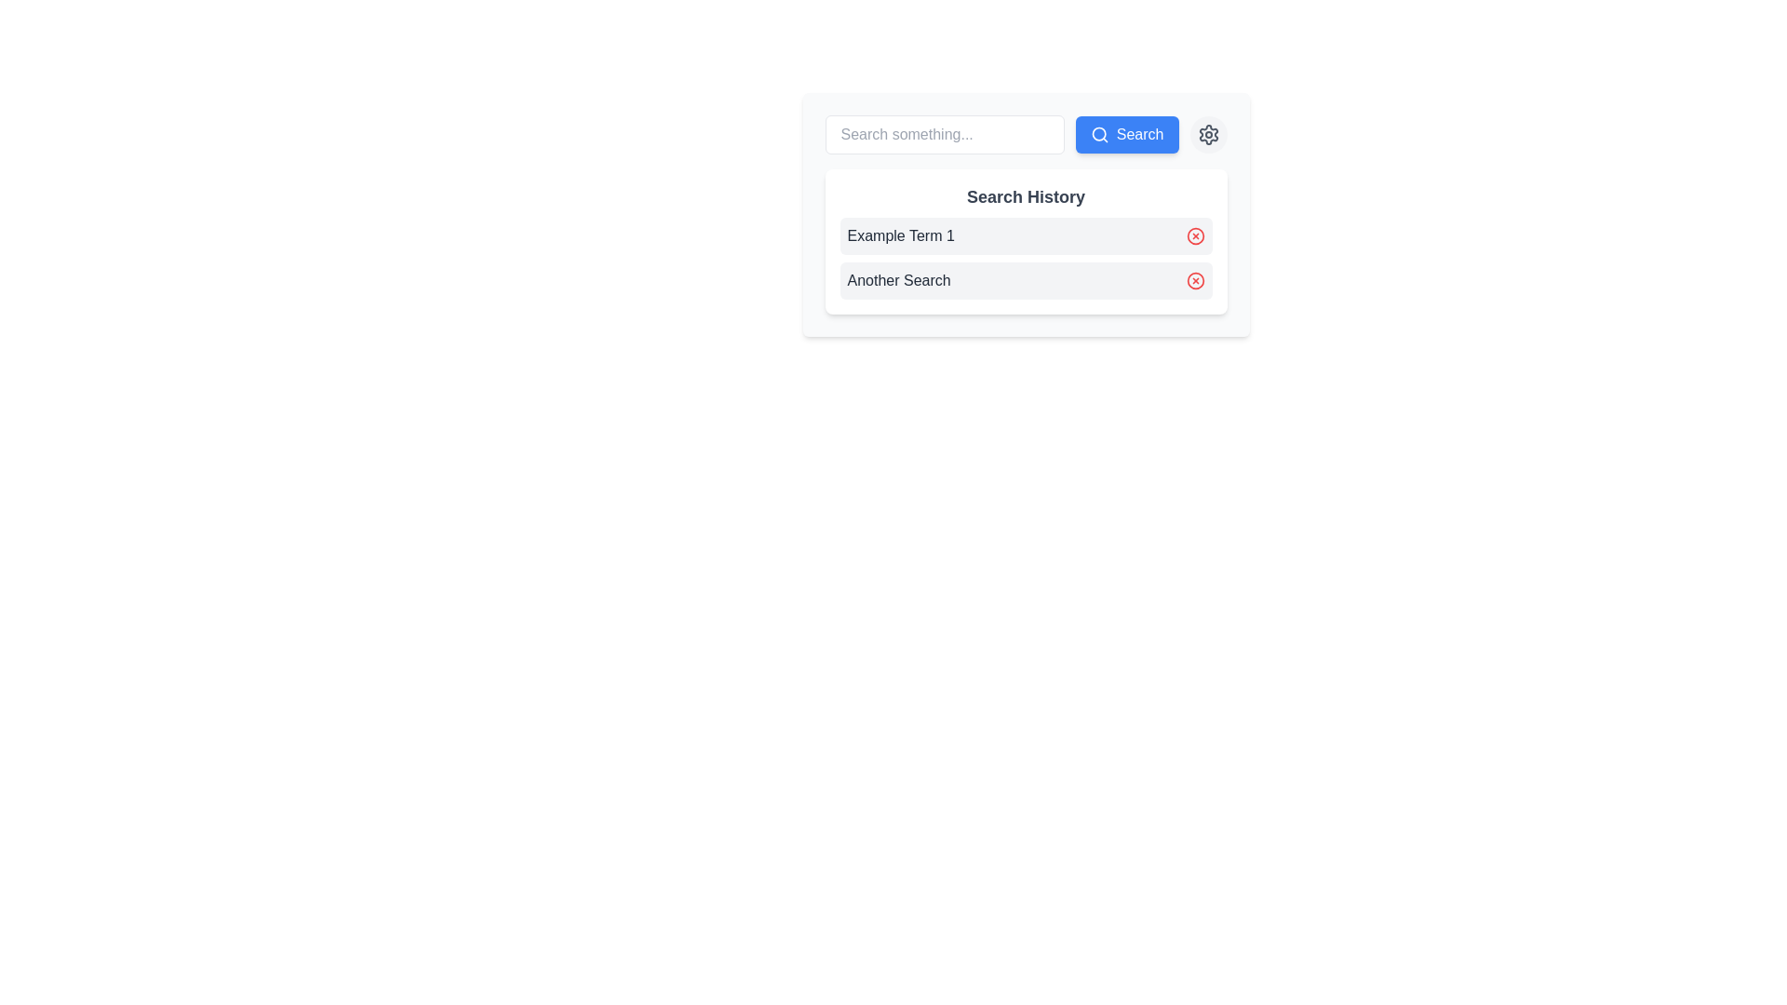  Describe the element at coordinates (1208, 134) in the screenshot. I see `the gear-shaped icon button located in the top-right corner of the interface` at that location.